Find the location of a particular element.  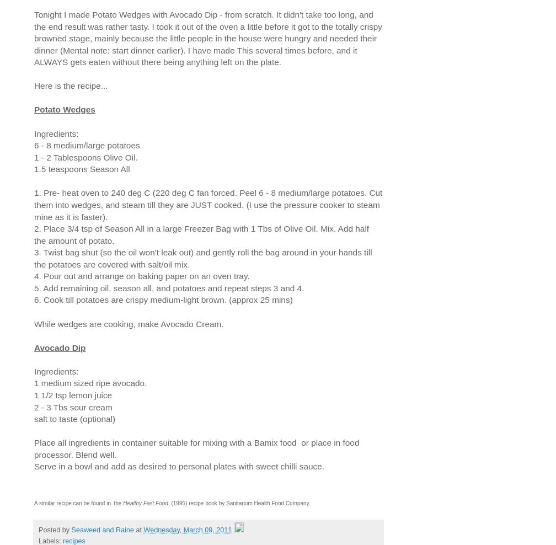

'1.5 teaspoons Season All' is located at coordinates (82, 168).